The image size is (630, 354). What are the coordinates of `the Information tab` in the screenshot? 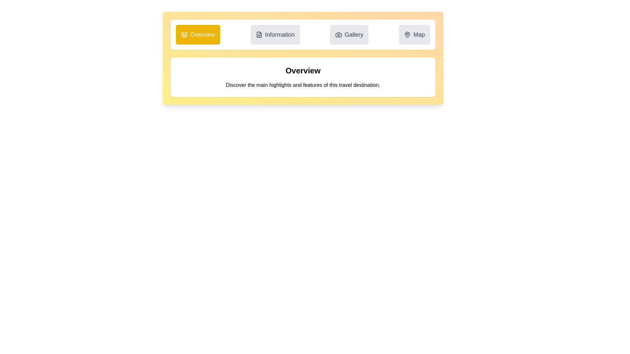 It's located at (275, 34).